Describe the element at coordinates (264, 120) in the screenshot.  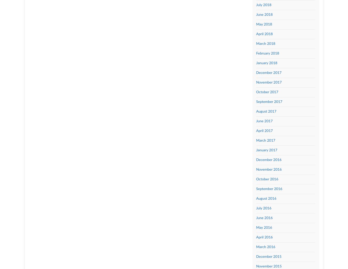
I see `'June 2017'` at that location.